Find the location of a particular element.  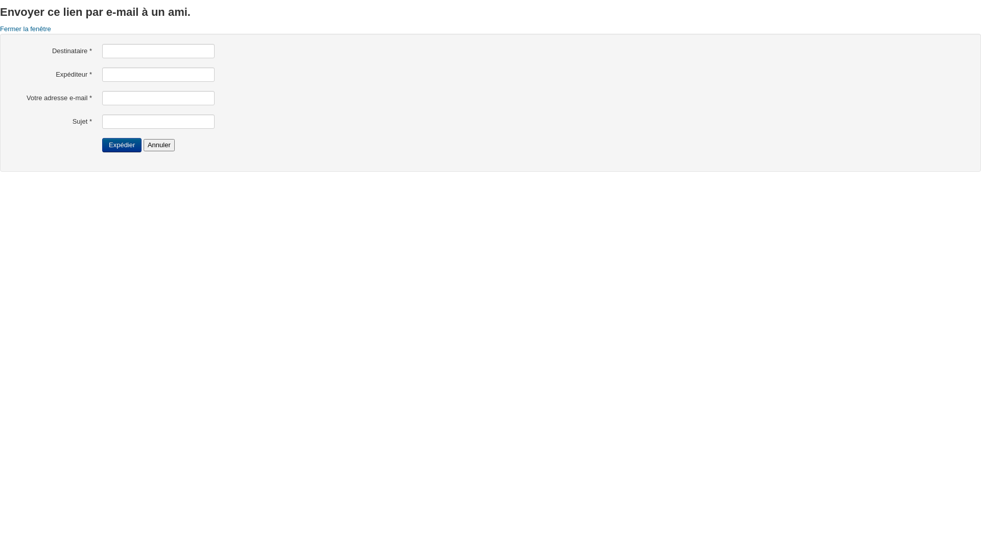

'Annuler' is located at coordinates (158, 145).